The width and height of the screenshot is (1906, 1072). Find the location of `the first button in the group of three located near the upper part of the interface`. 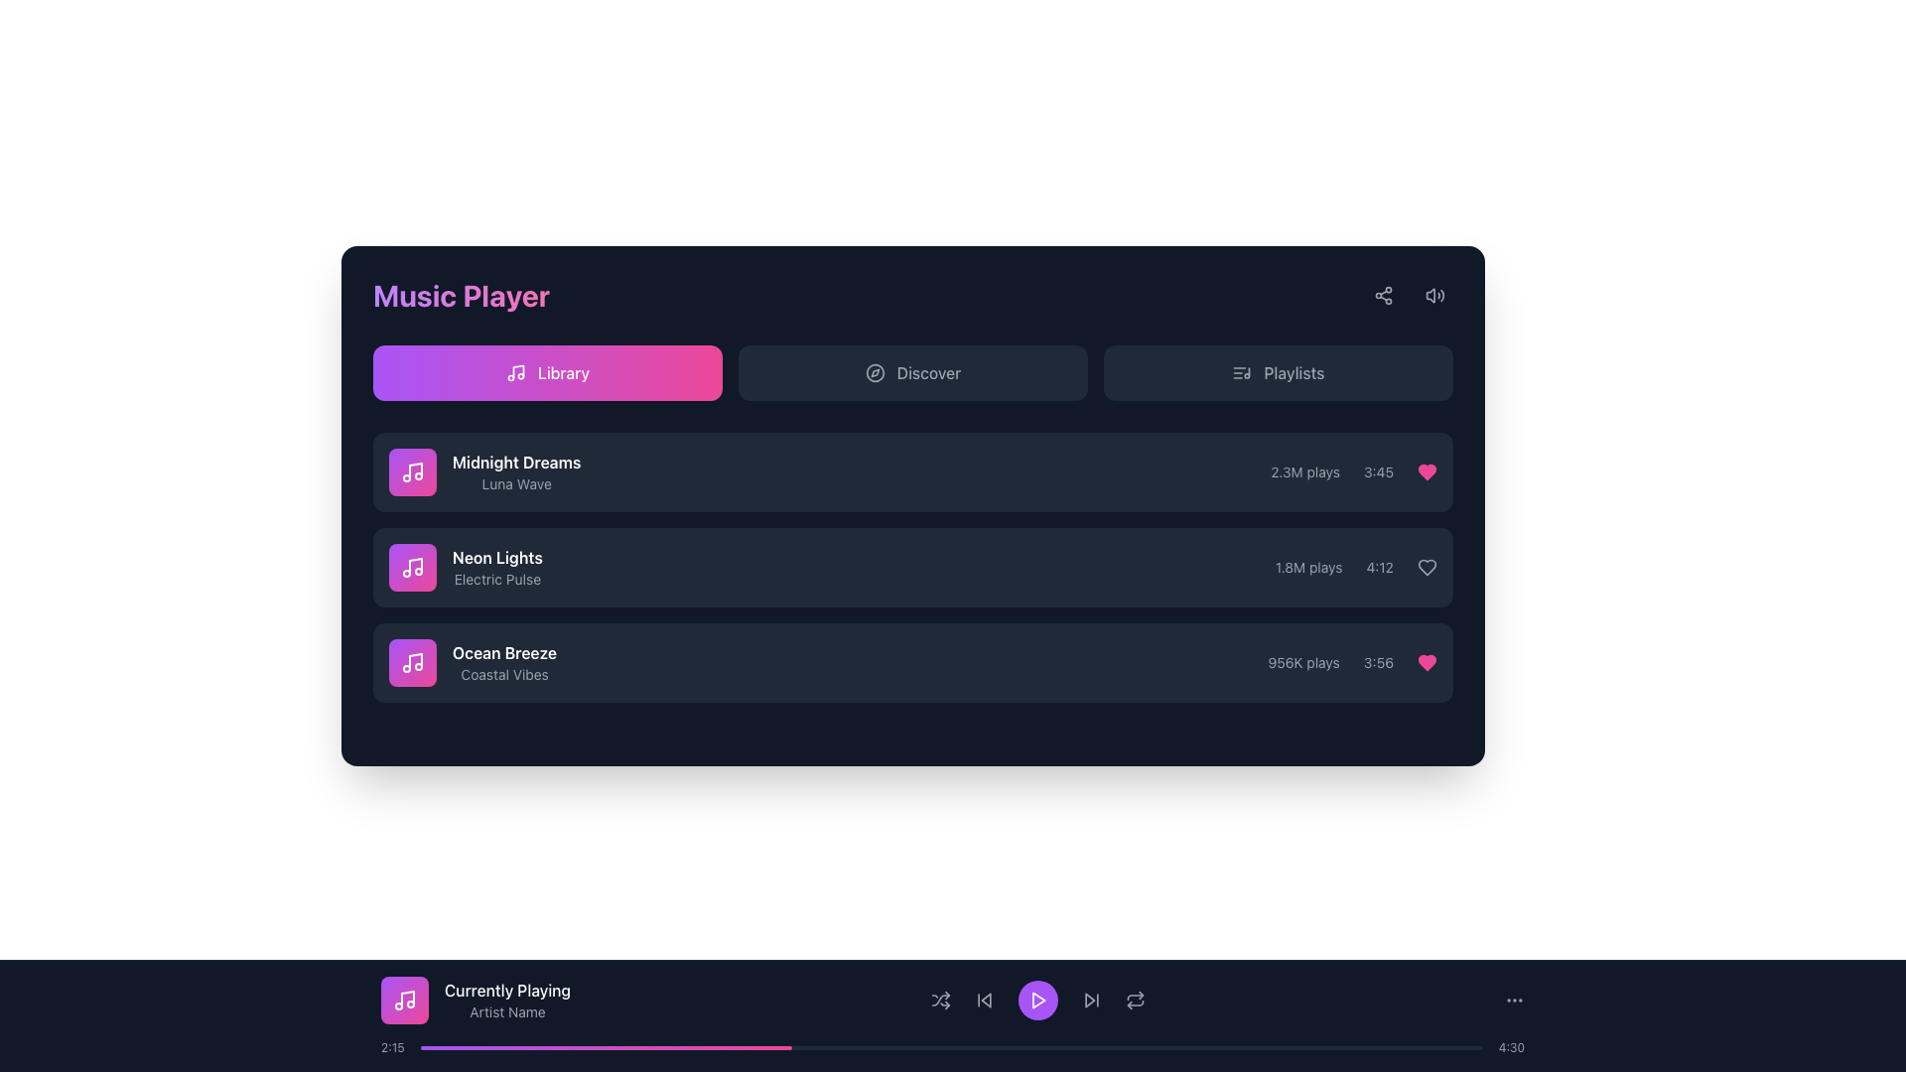

the first button in the group of three located near the upper part of the interface is located at coordinates (548, 372).